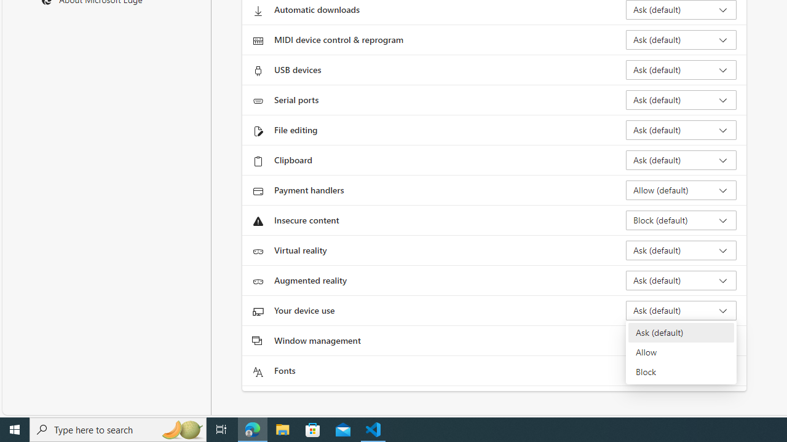 This screenshot has height=442, width=787. I want to click on 'Block', so click(680, 371).